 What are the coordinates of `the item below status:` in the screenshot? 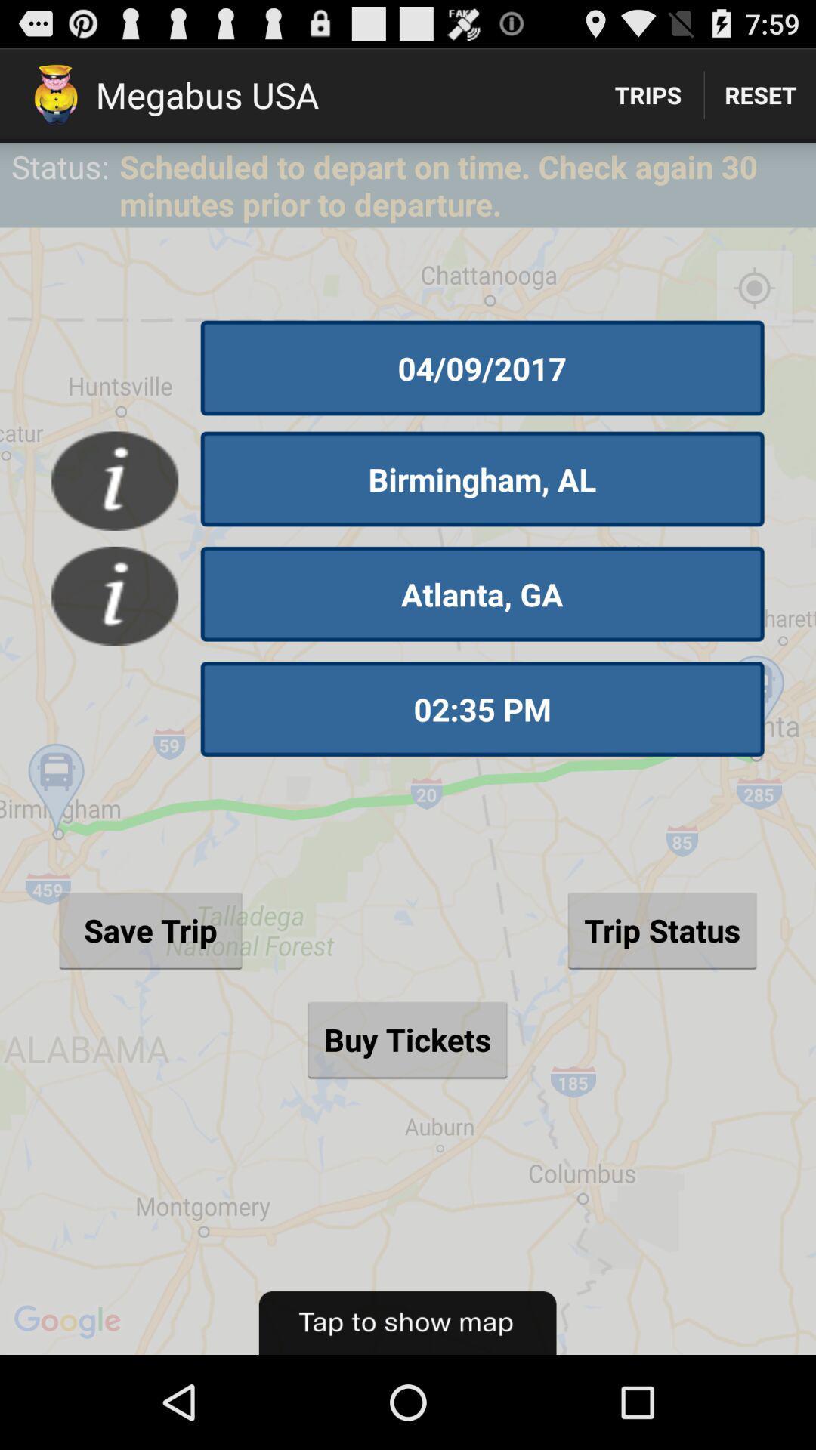 It's located at (408, 790).